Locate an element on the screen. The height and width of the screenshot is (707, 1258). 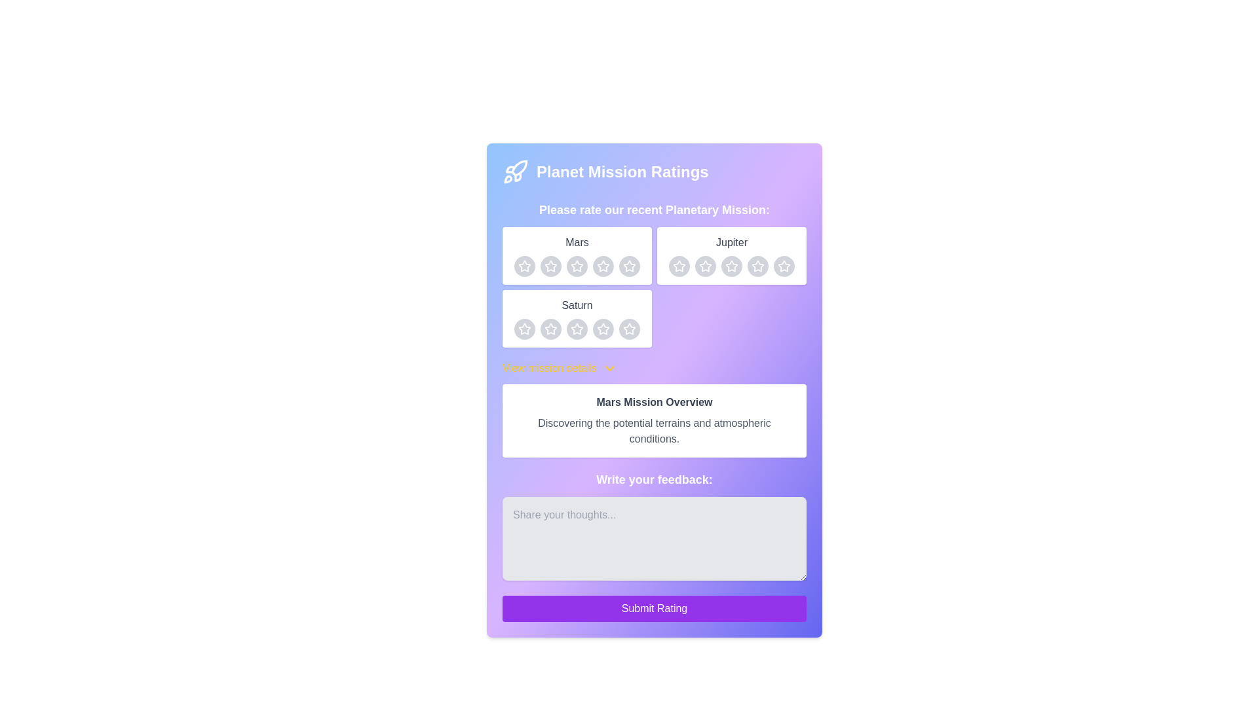
the fourth star in the rating row for 'Jupiter' in the 'Planet Mission Ratings' section to rate it is located at coordinates (757, 266).